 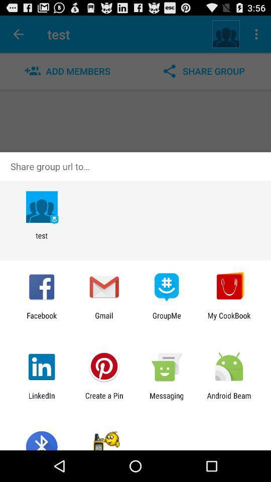 I want to click on app next to the create a pin, so click(x=41, y=400).